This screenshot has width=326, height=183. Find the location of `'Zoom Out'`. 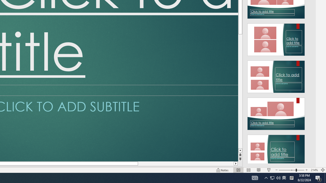

'Zoom Out' is located at coordinates (287, 170).